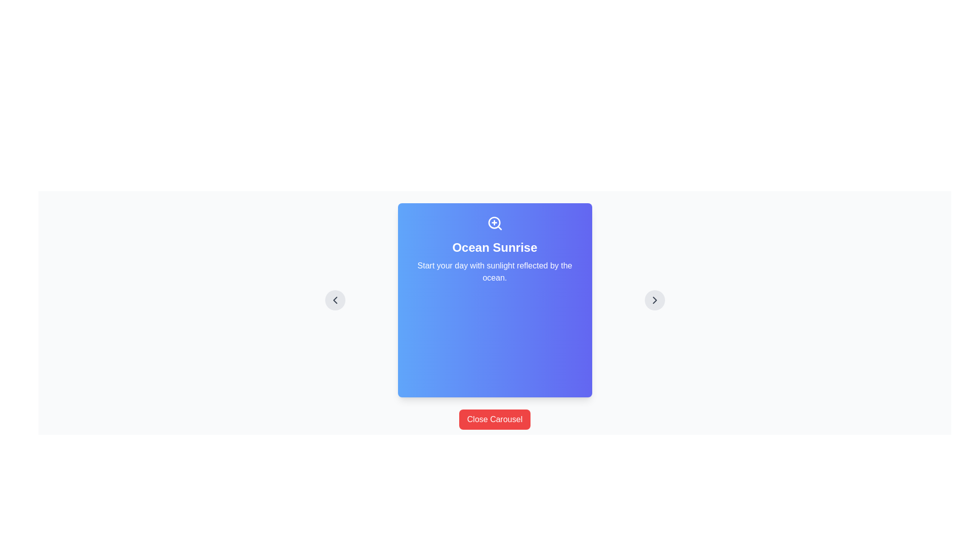 The image size is (971, 546). I want to click on the icon button located on the right side of the carousel panel, so click(654, 300).